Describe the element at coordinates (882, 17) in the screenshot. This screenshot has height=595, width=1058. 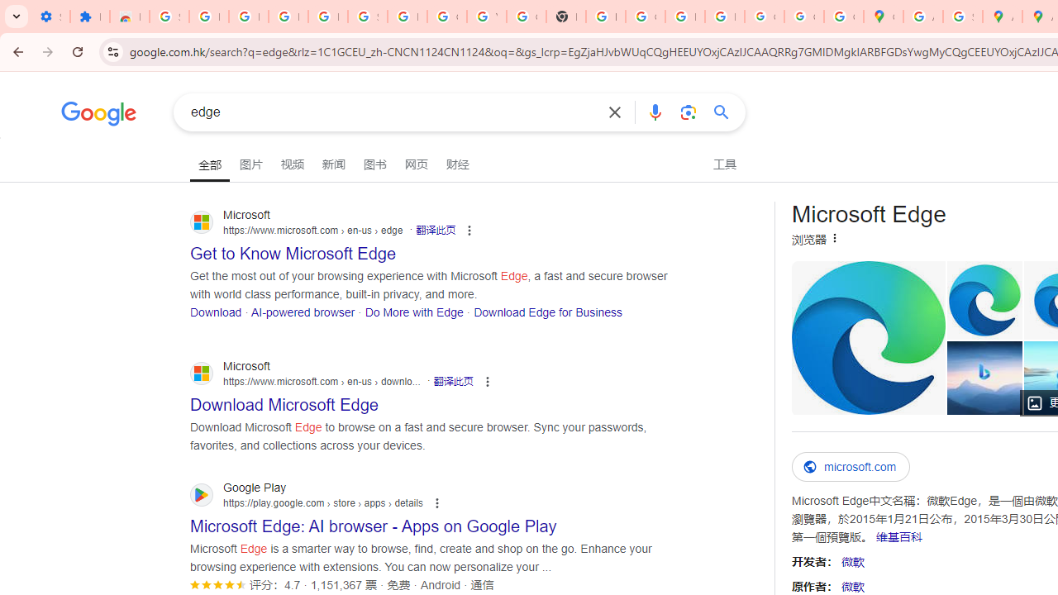
I see `'Google Maps'` at that location.